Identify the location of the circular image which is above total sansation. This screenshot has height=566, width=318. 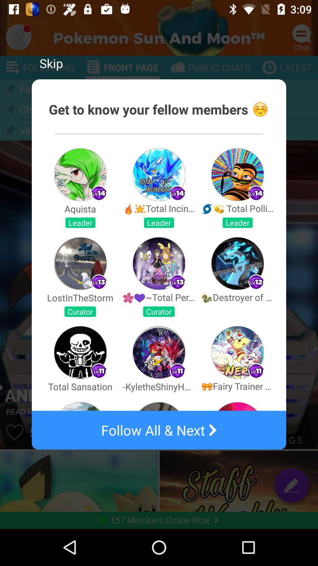
(80, 352).